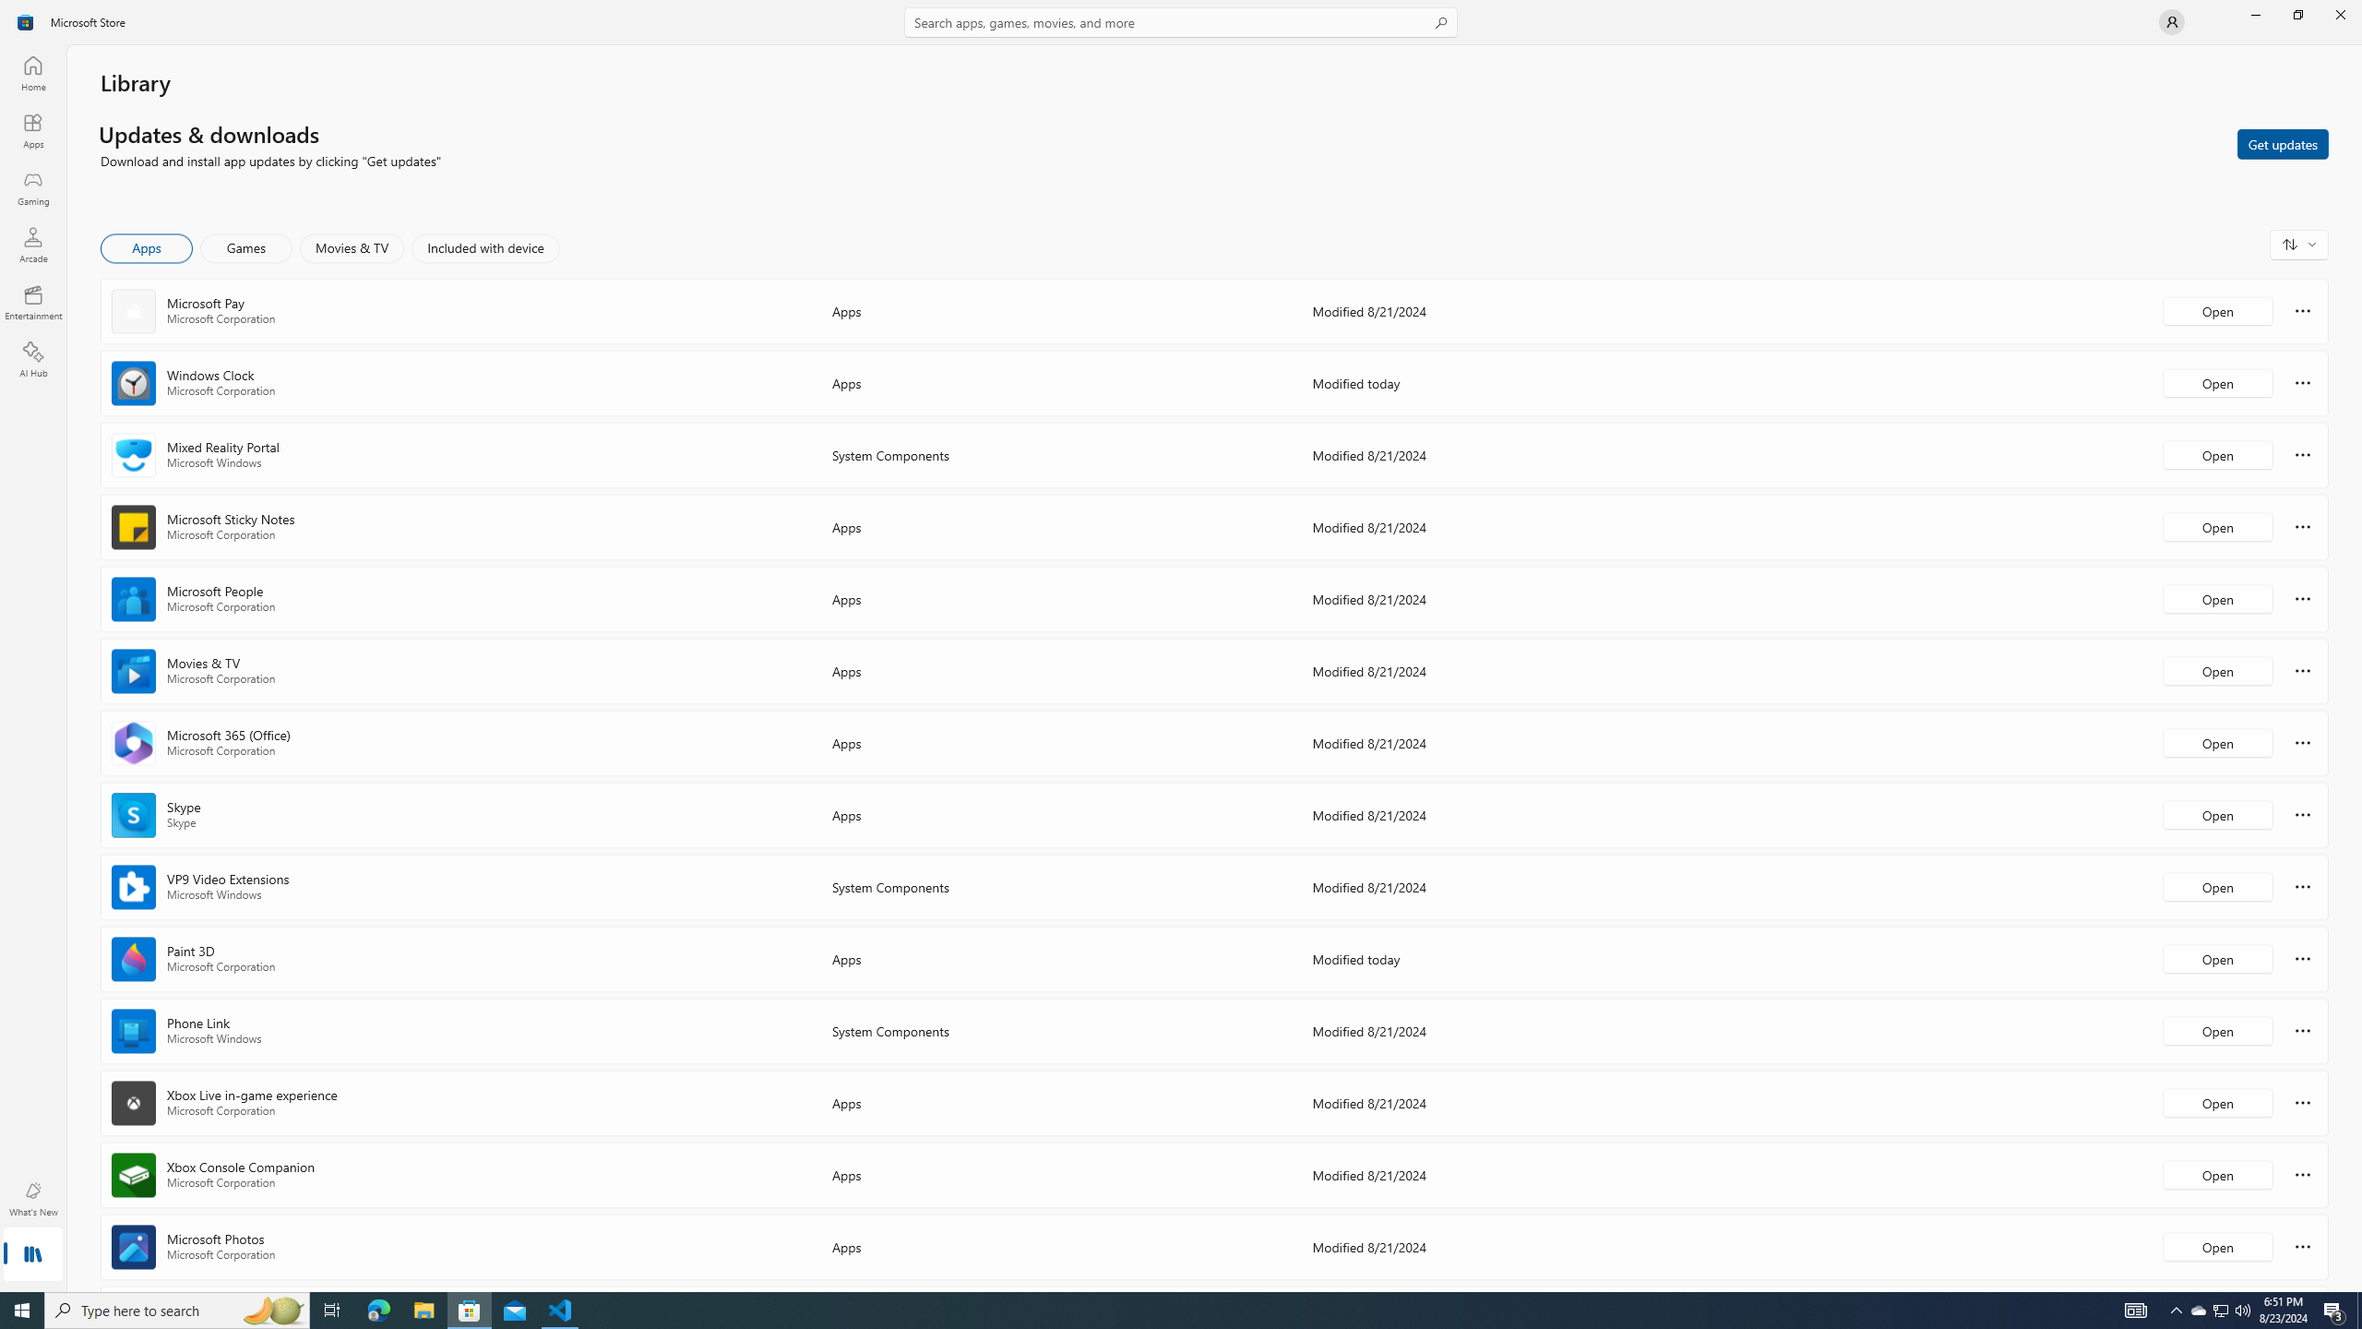 The image size is (2362, 1329). I want to click on 'Movies & TV', so click(351, 247).